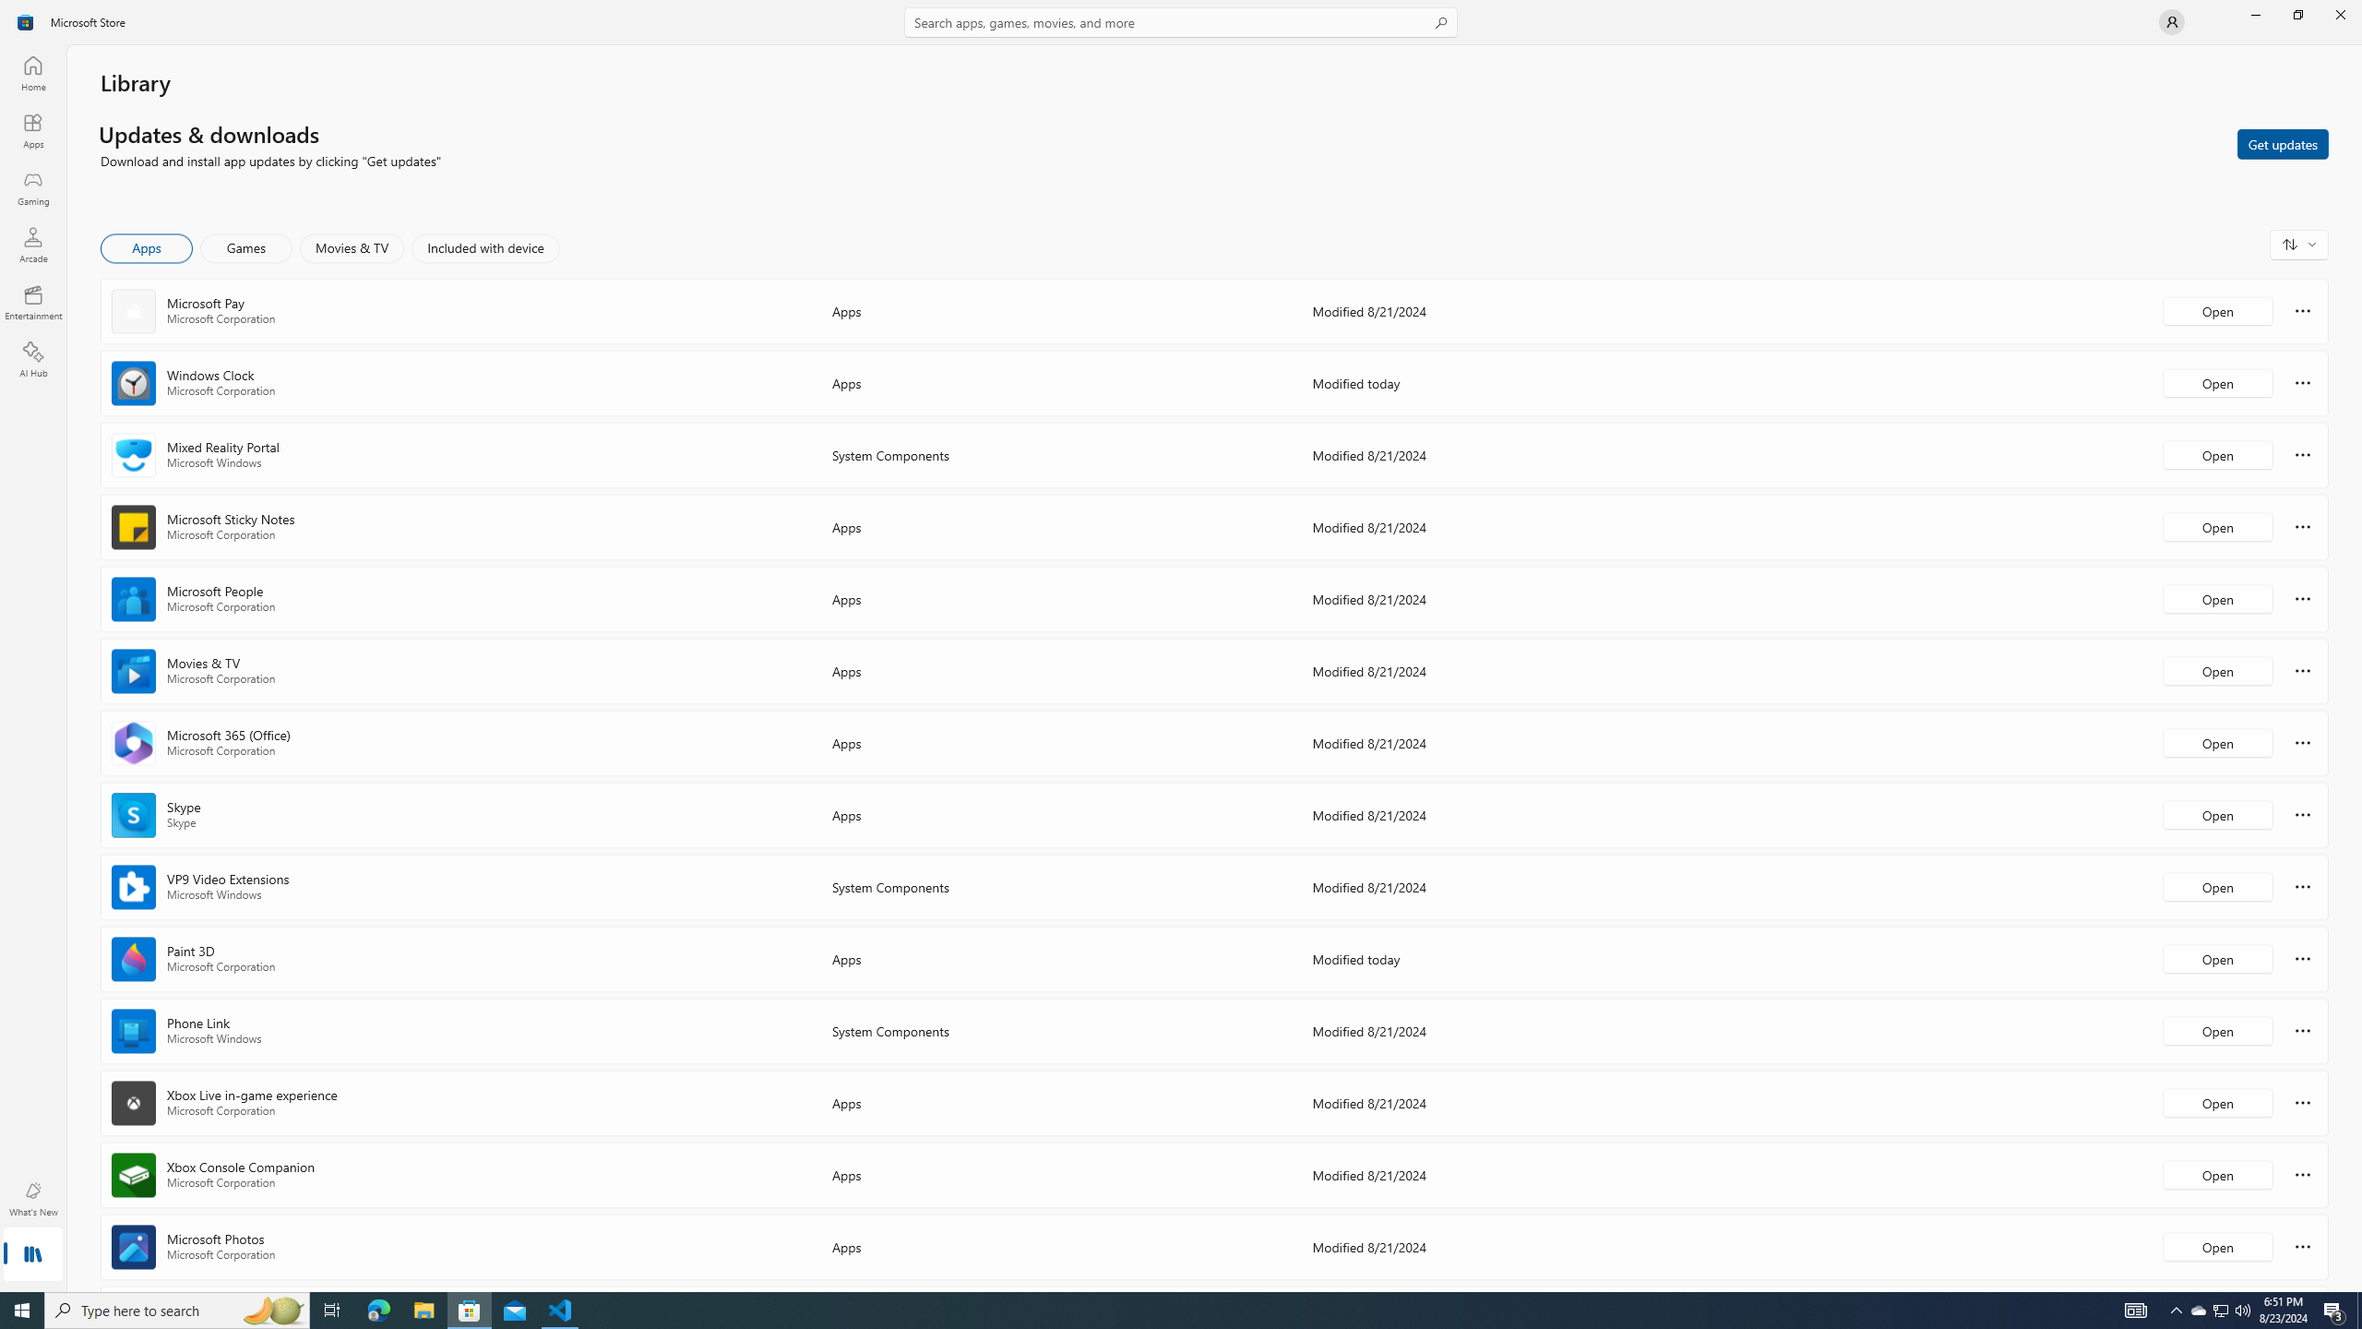 The image size is (2362, 1329). I want to click on 'Movies & TV', so click(351, 247).